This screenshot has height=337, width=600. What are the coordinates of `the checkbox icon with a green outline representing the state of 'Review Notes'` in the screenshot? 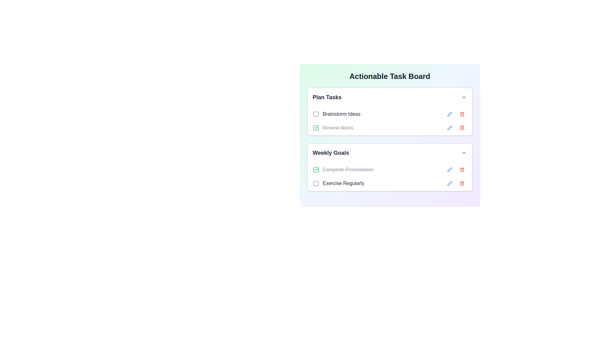 It's located at (316, 169).